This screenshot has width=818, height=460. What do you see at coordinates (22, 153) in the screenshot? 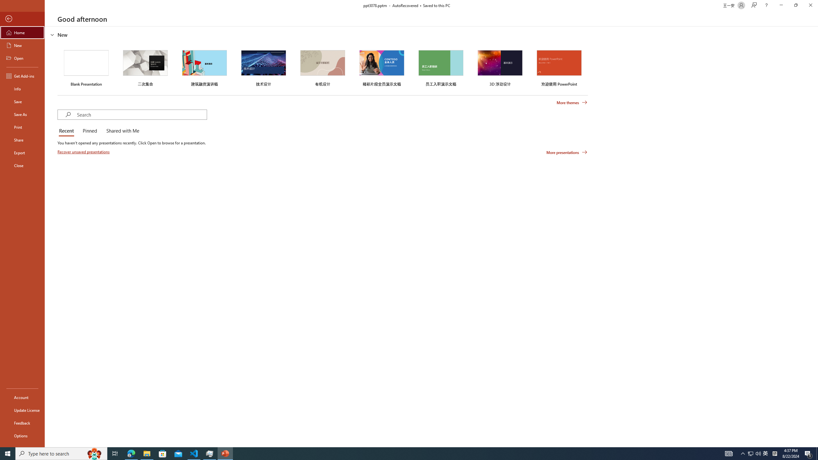
I see `'Export'` at bounding box center [22, 153].